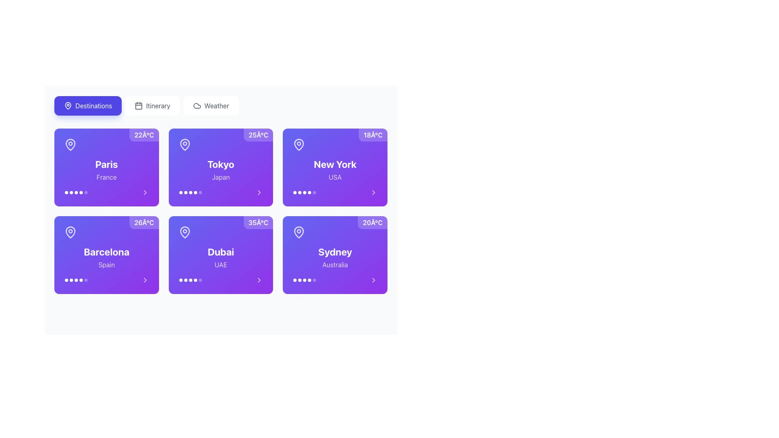 This screenshot has width=779, height=438. I want to click on the cloud-shaped icon located at the top-right segment of the interface, which is rendered in a minimal vector format, so click(197, 105).